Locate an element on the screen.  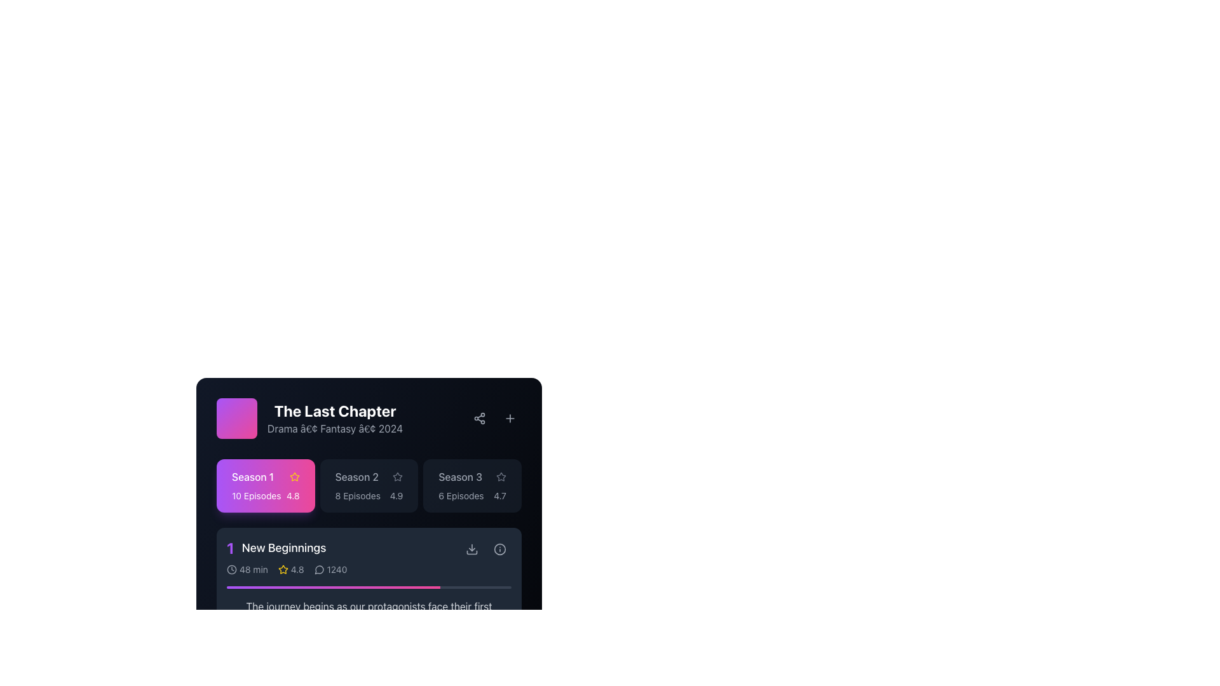
the text label that describes a specific episode or section of content, which is located to the right of the numeric label '1' is located at coordinates (283, 548).